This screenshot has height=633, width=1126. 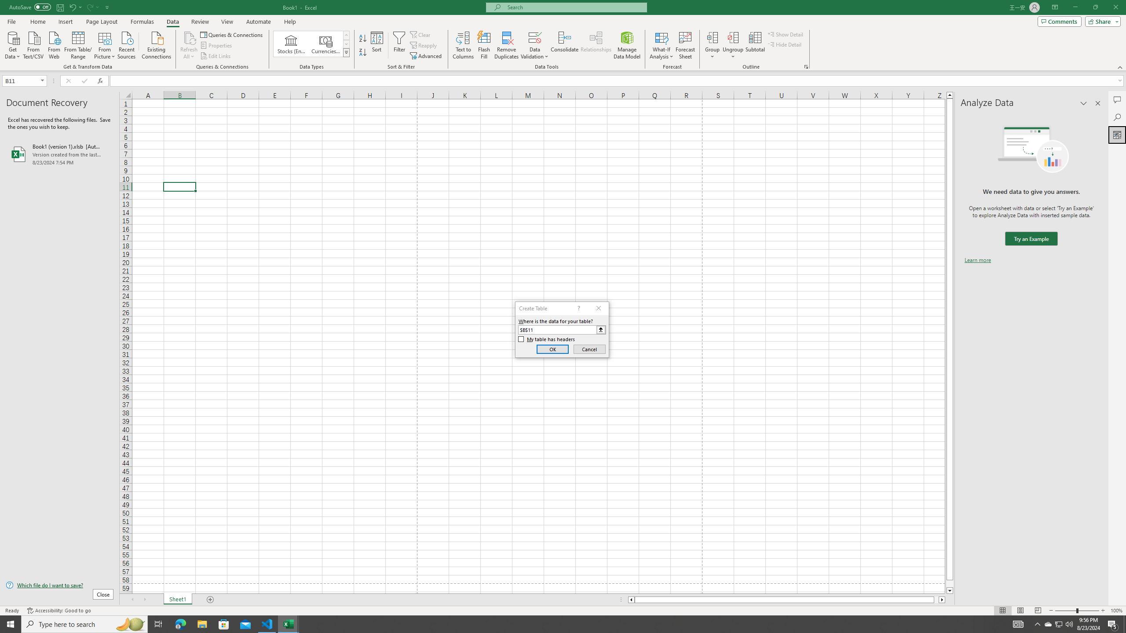 I want to click on 'Automate', so click(x=258, y=22).